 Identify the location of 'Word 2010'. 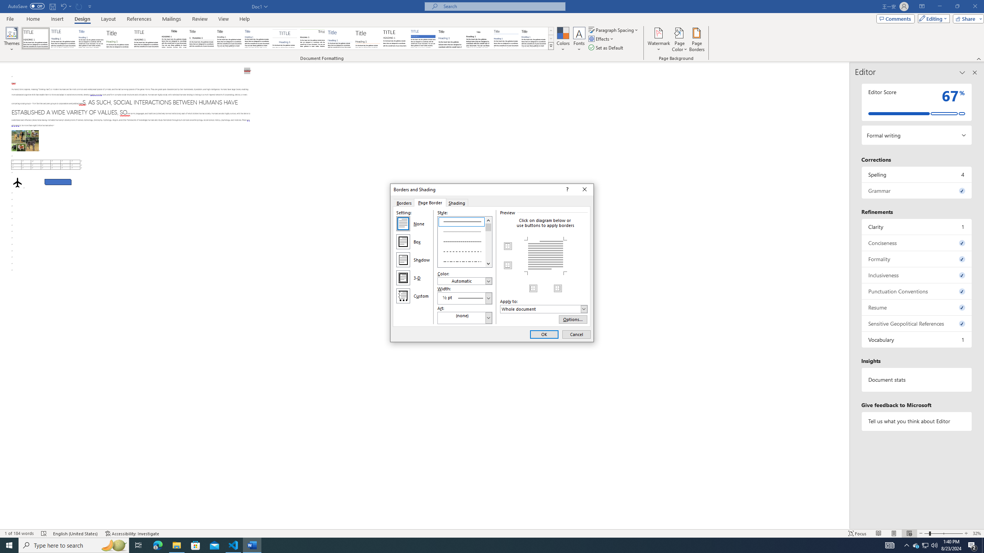
(506, 38).